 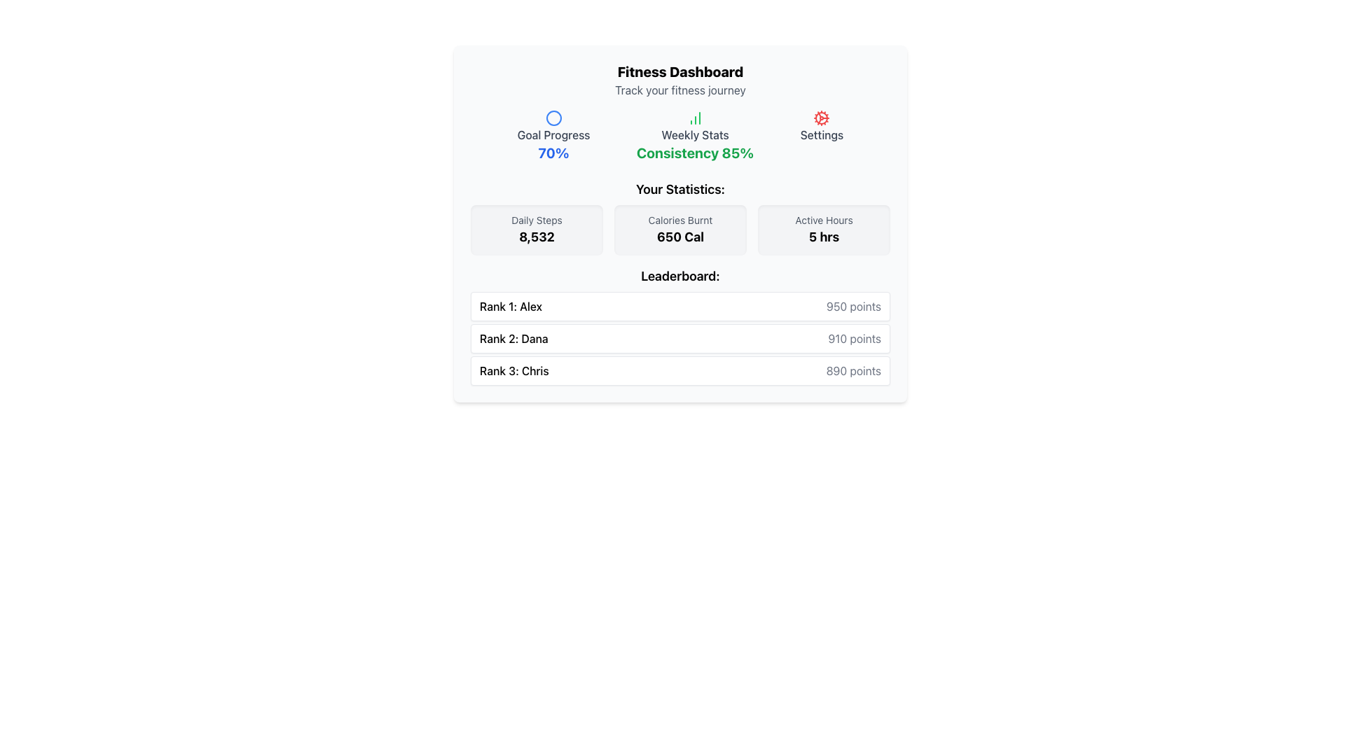 I want to click on text label displaying 'Rank 2: Dana' located in the leaderboard section, positioned between 'Rank 1: Alex' and 'Rank 3: Chris', so click(x=513, y=338).